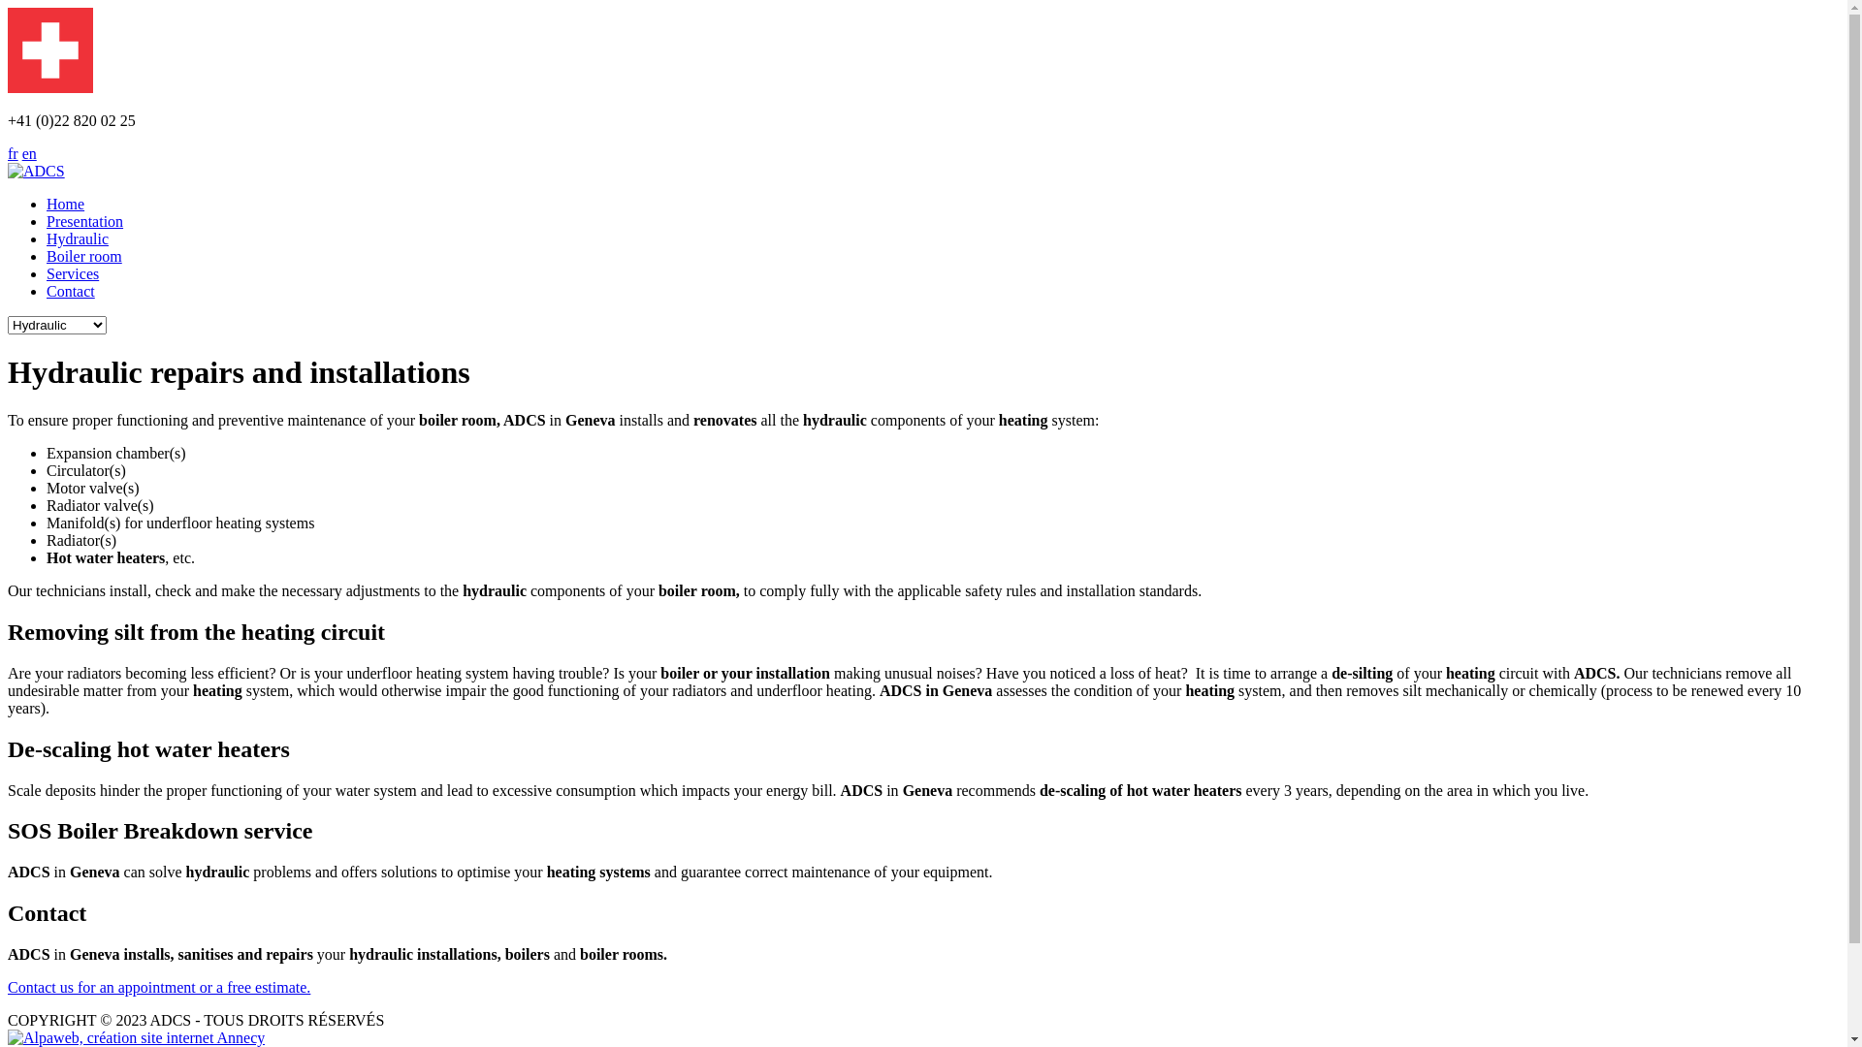  Describe the element at coordinates (47, 291) in the screenshot. I see `'Contact'` at that location.